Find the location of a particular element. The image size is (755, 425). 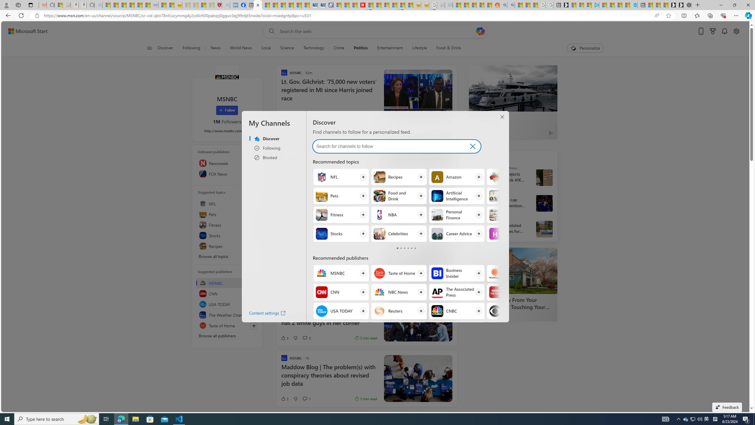

'Technology' is located at coordinates (314, 48).